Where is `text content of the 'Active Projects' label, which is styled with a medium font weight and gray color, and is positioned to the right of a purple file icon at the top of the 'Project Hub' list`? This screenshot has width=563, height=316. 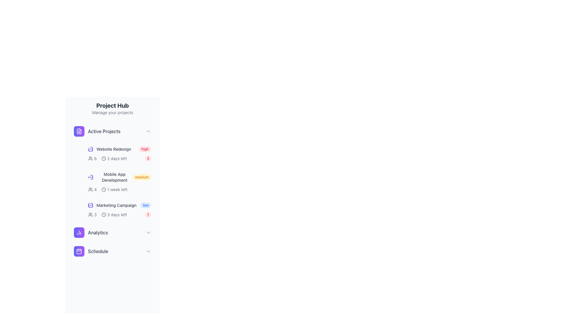 text content of the 'Active Projects' label, which is styled with a medium font weight and gray color, and is positioned to the right of a purple file icon at the top of the 'Project Hub' list is located at coordinates (104, 131).